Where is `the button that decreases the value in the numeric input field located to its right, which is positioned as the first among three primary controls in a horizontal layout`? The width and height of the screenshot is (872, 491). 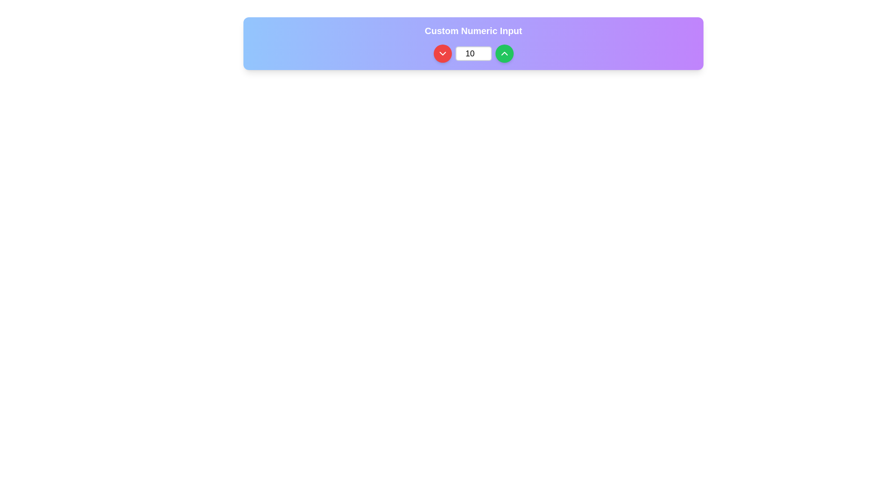
the button that decreases the value in the numeric input field located to its right, which is positioned as the first among three primary controls in a horizontal layout is located at coordinates (442, 54).